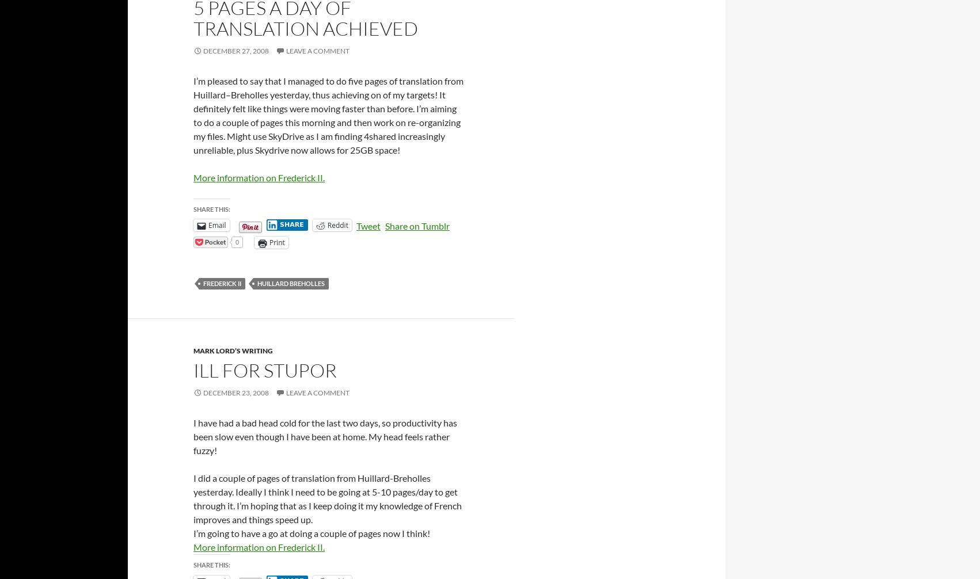 The image size is (980, 579). What do you see at coordinates (233, 351) in the screenshot?
I see `'Mark Lord’s Writing'` at bounding box center [233, 351].